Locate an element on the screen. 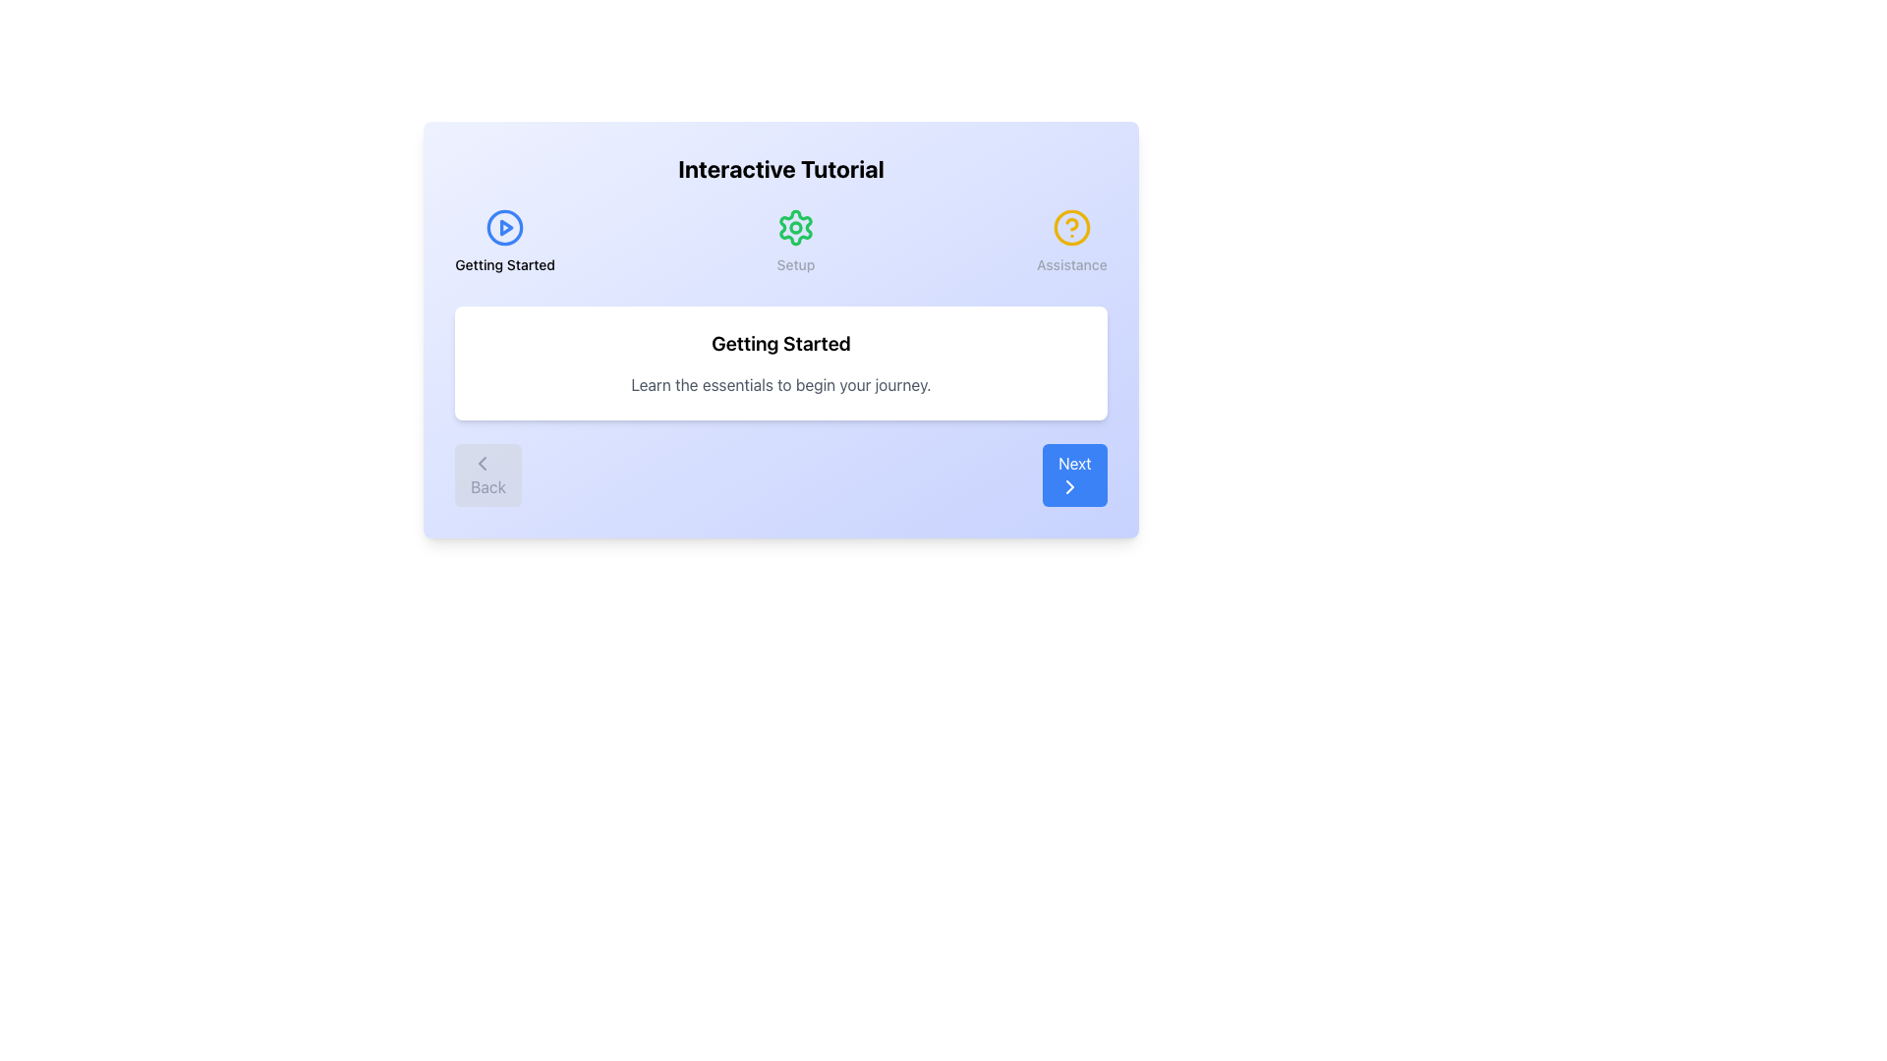 This screenshot has height=1061, width=1887. the first clickable icon in the left section of the navigation bar is located at coordinates (505, 241).